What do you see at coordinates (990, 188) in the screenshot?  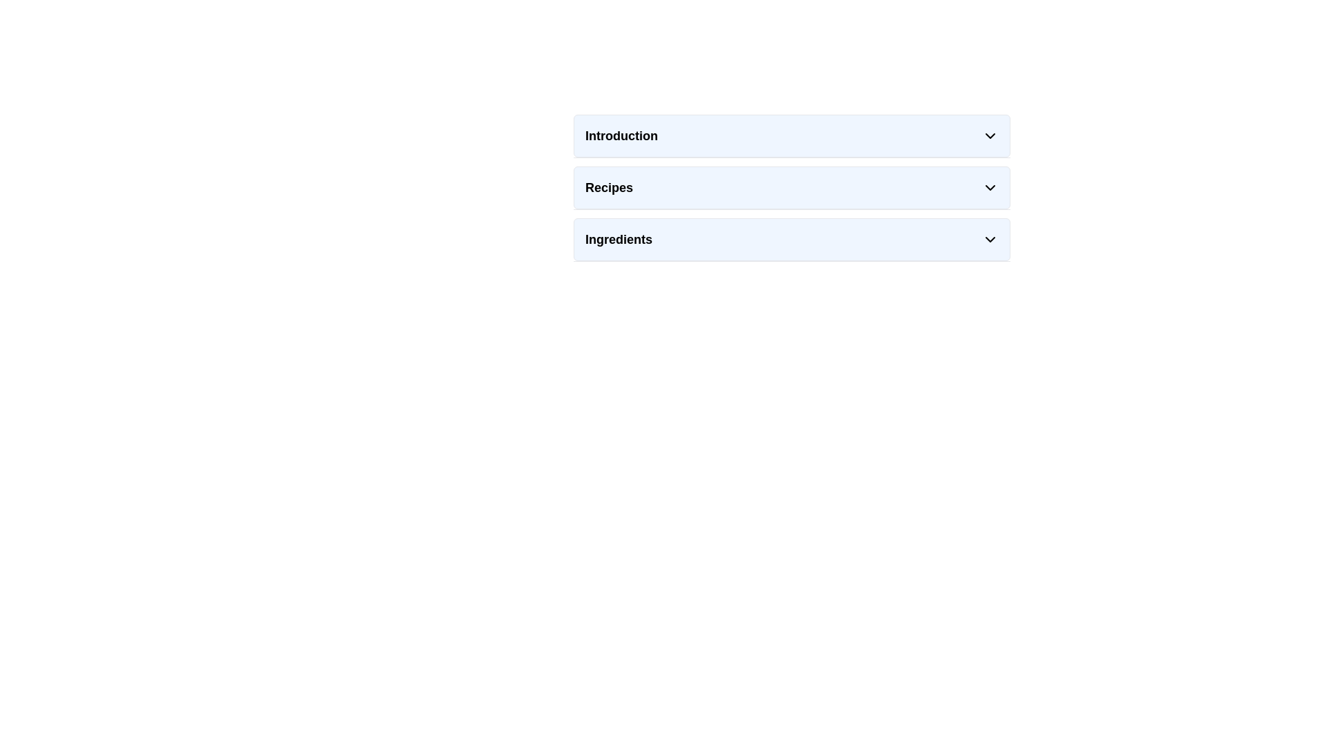 I see `the chevron icon located at the far right end inside the 'Recipes' button to trigger a tooltip if applicable` at bounding box center [990, 188].